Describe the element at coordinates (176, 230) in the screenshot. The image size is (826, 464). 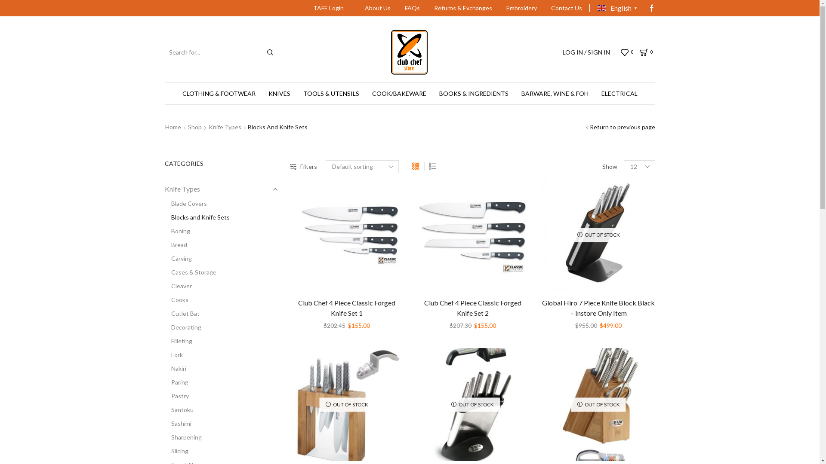
I see `'Boning'` at that location.